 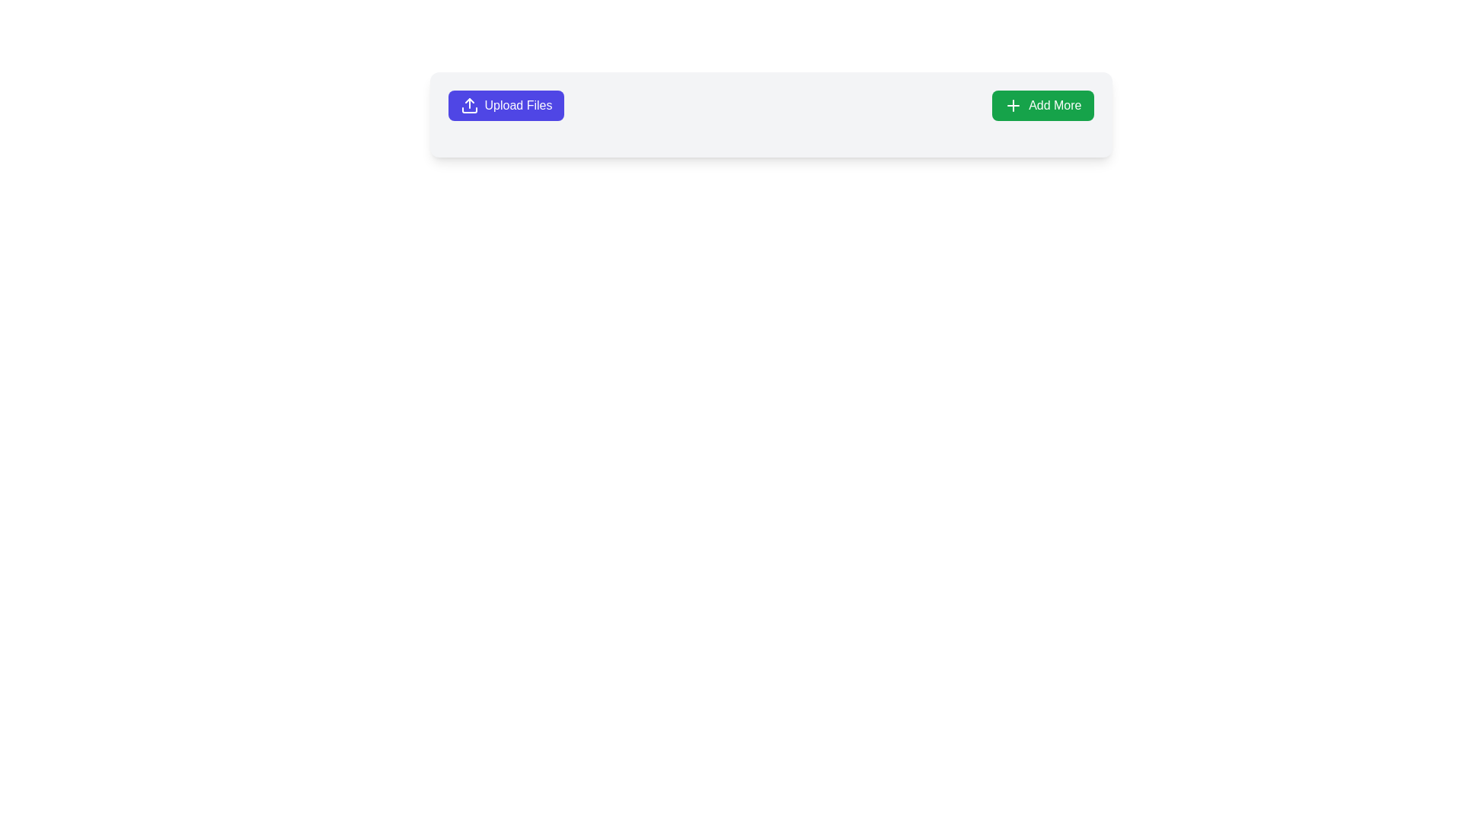 What do you see at coordinates (468, 104) in the screenshot?
I see `the graphical icon depicting an upward-facing arrow above a horizontal box outline, located to the left of the 'Upload Files' text within a button on the left-hand side of the interface` at bounding box center [468, 104].